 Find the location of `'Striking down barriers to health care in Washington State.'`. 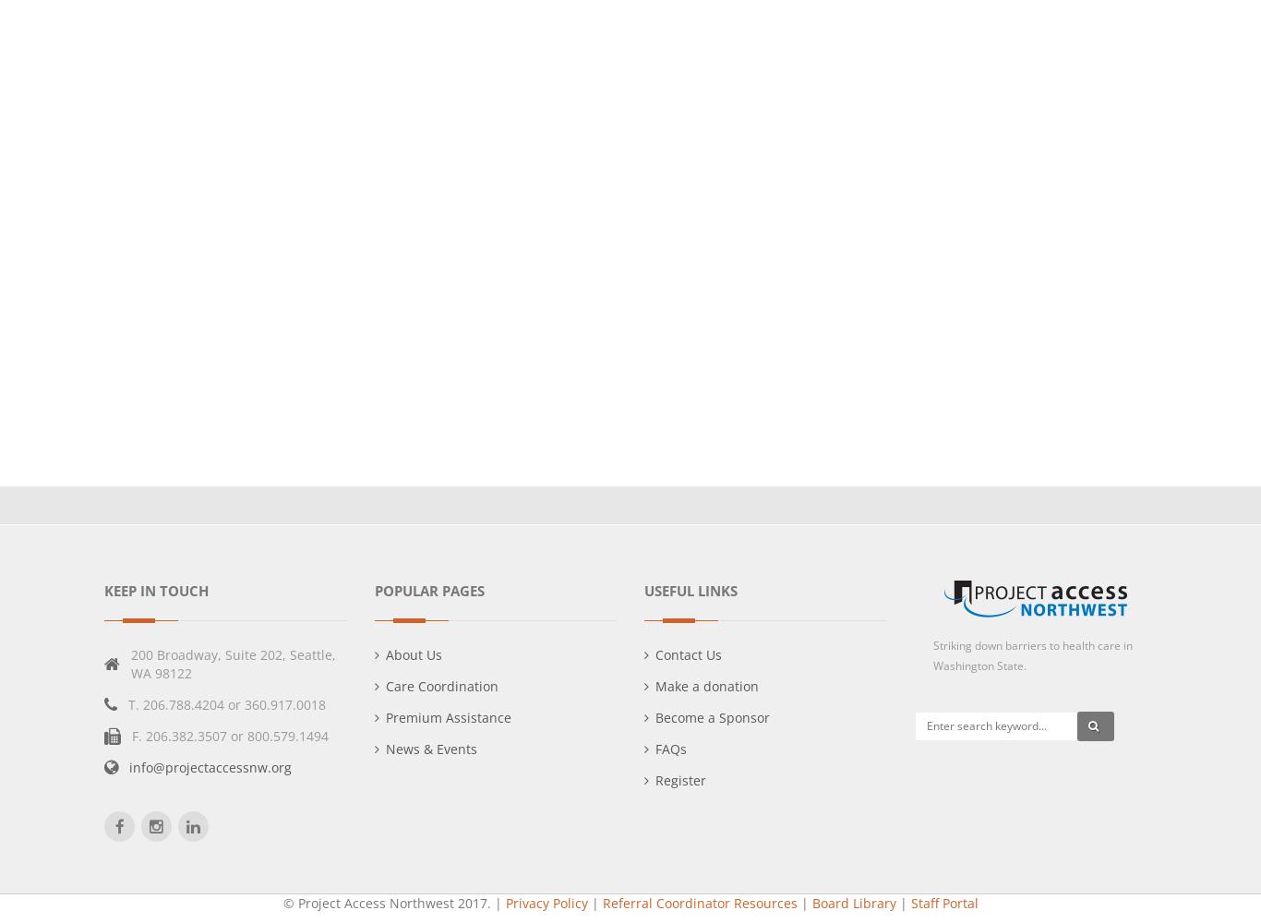

'Striking down barriers to health care in Washington State.' is located at coordinates (1030, 654).